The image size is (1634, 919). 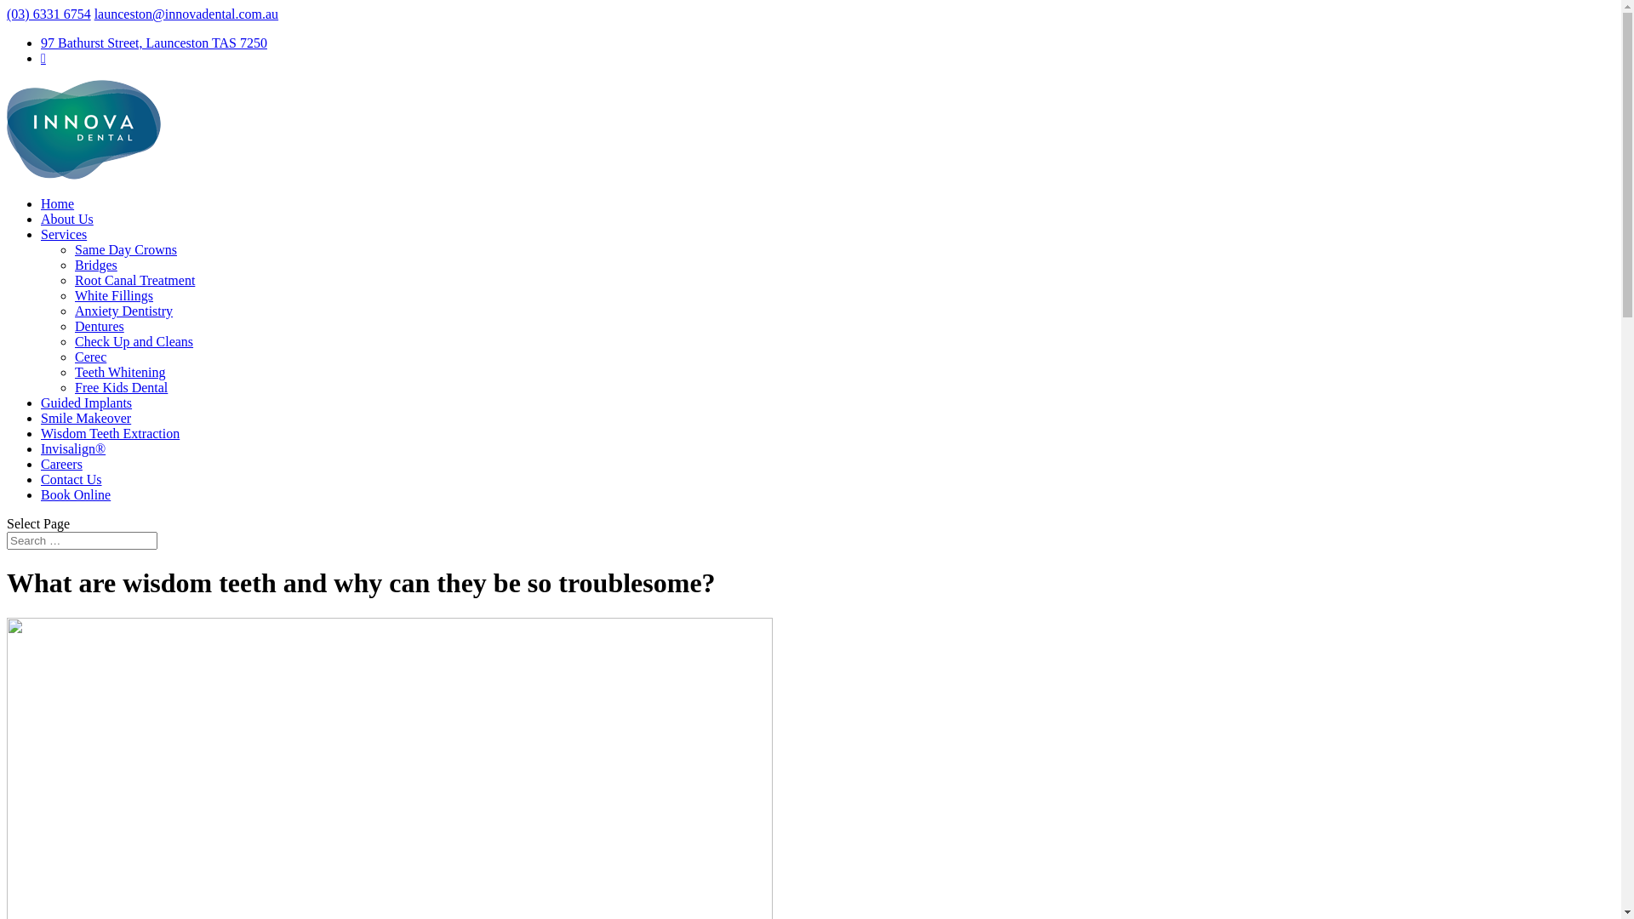 I want to click on 'White Fillings', so click(x=113, y=294).